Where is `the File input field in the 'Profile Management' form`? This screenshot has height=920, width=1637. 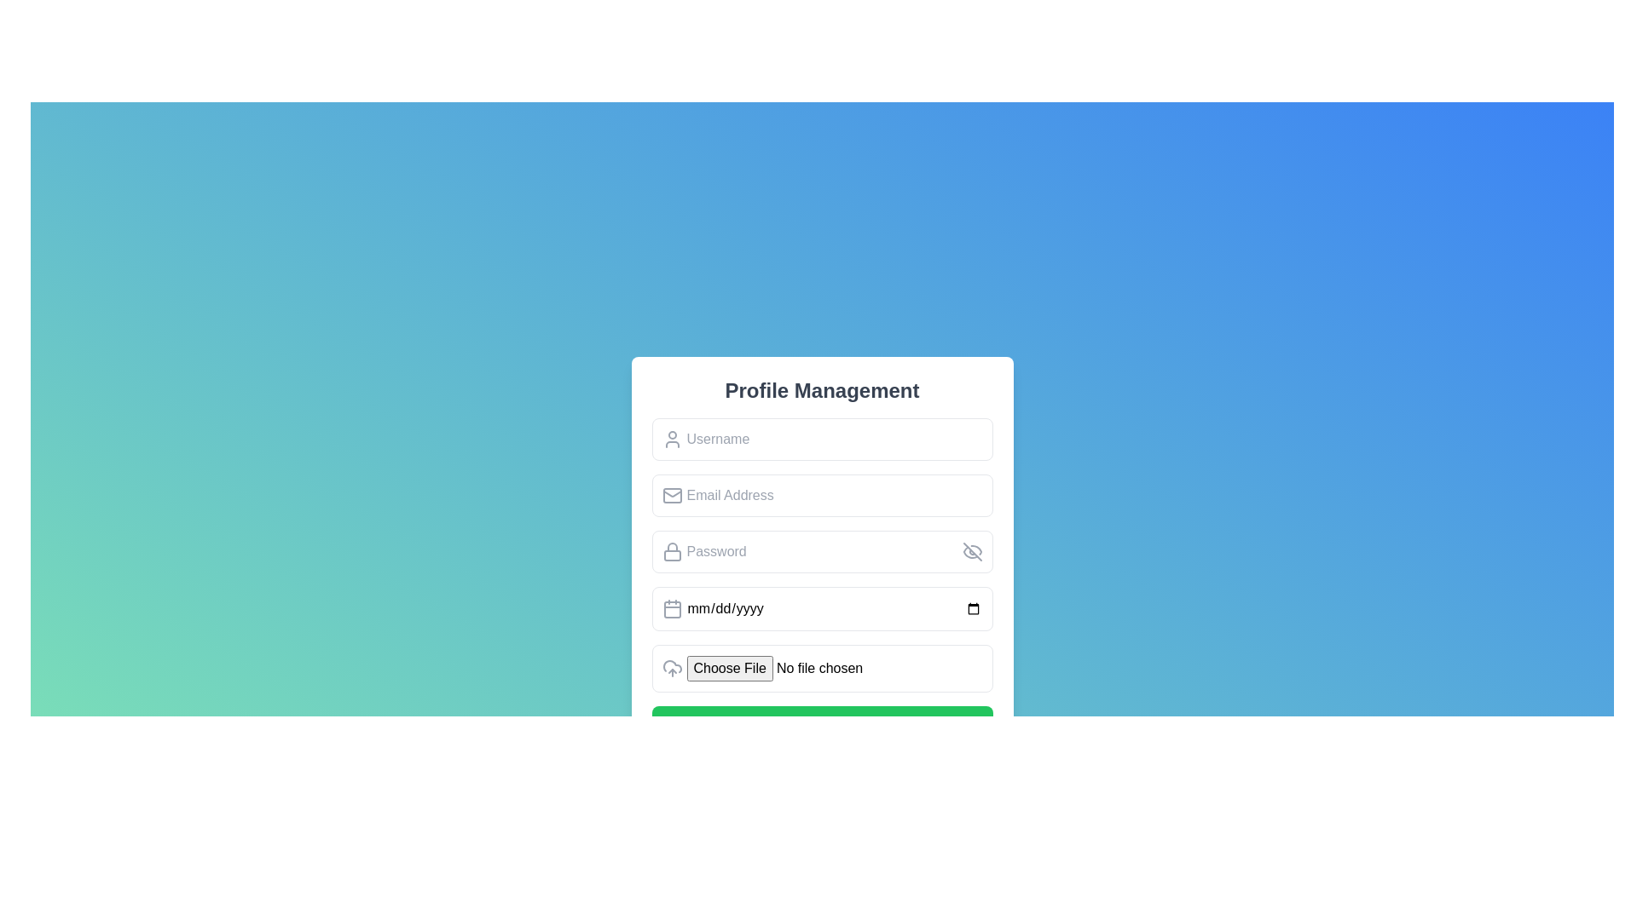 the File input field in the 'Profile Management' form is located at coordinates (822, 668).